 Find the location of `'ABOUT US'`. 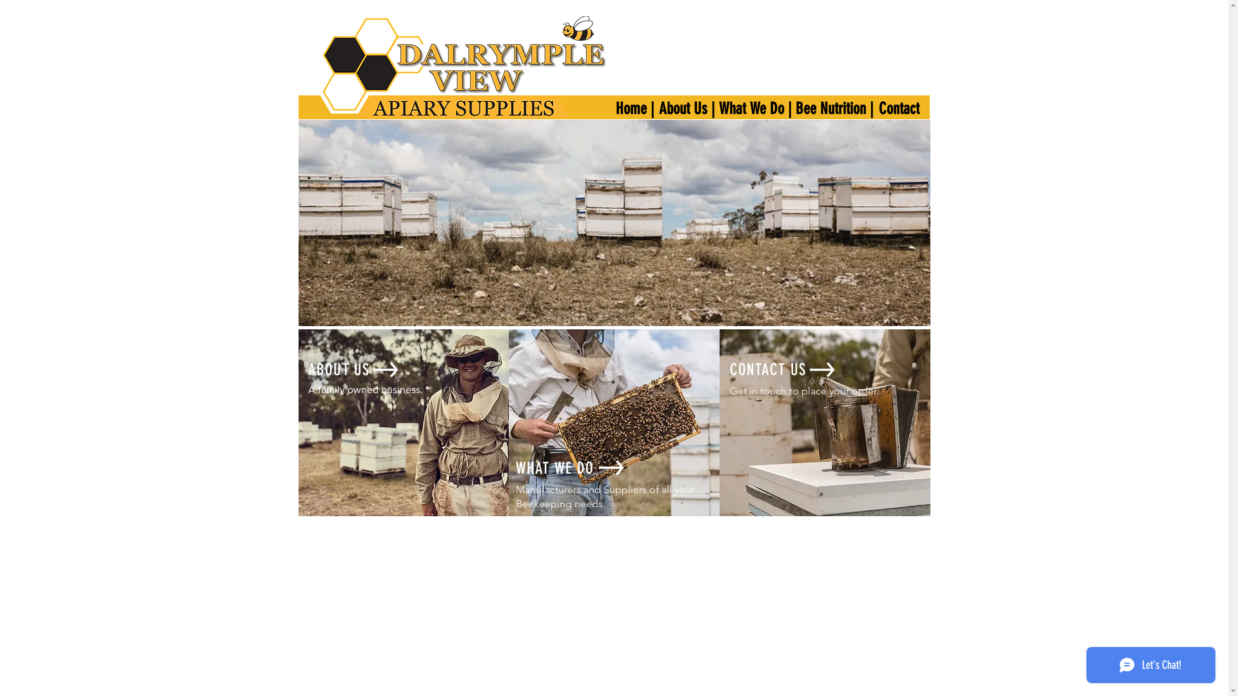

'ABOUT US' is located at coordinates (339, 369).